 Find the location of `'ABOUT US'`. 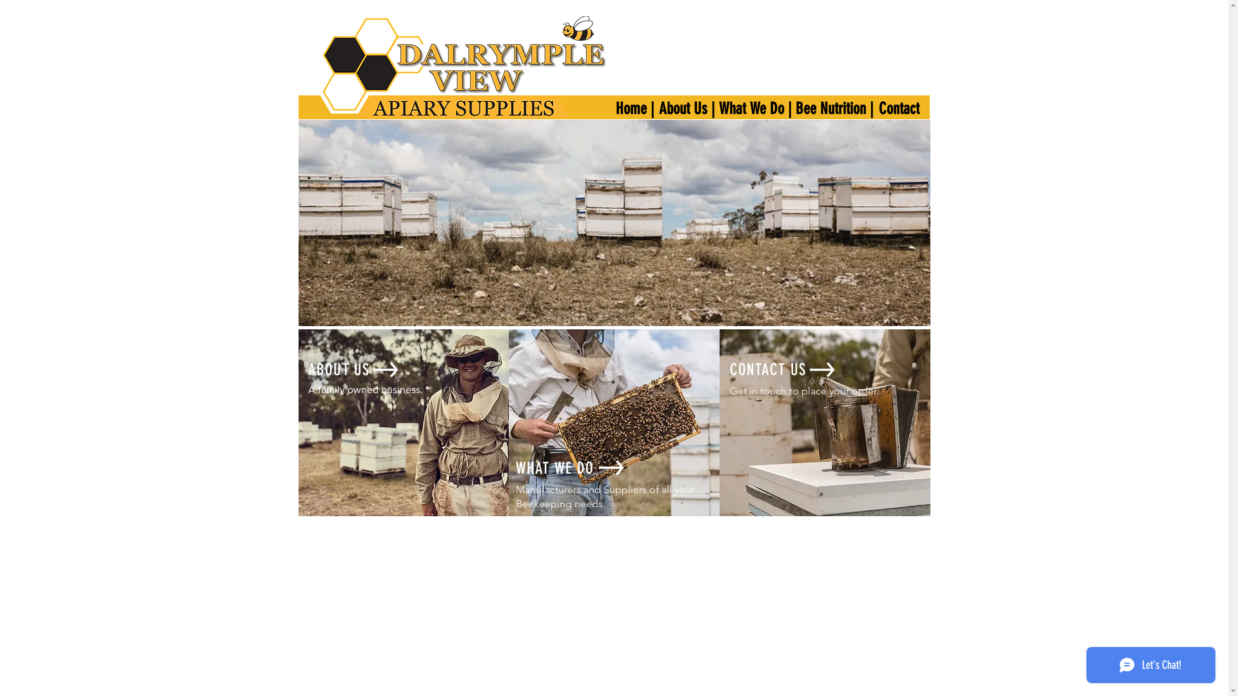

'ABOUT US' is located at coordinates (339, 369).